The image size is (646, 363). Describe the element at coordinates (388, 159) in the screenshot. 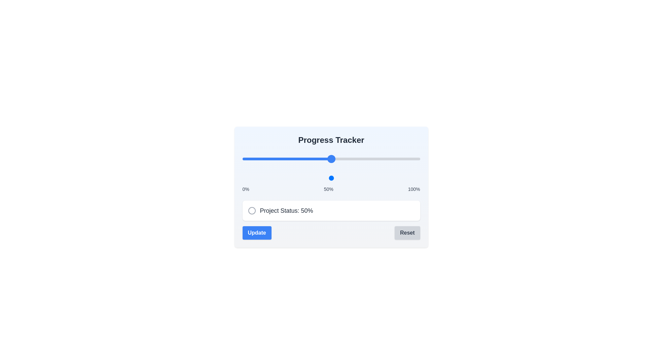

I see `the progress slider to set the progress to 82%` at that location.